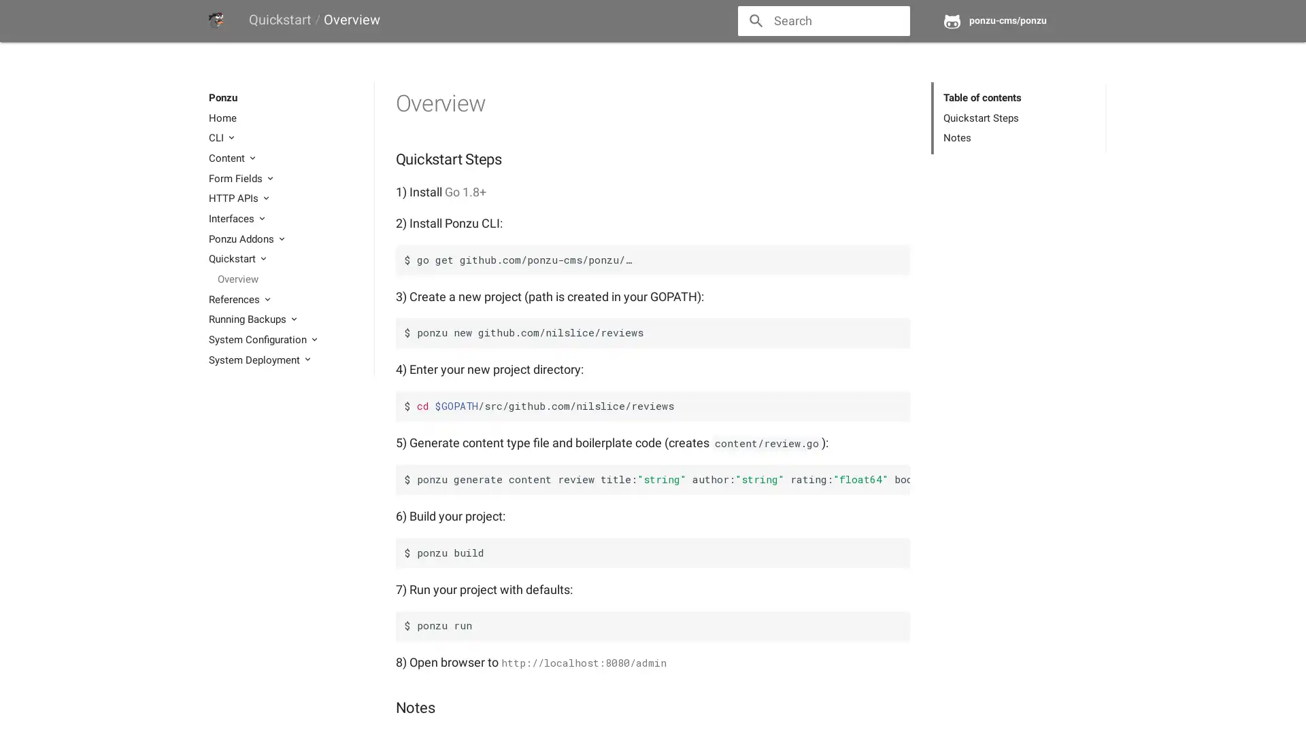  What do you see at coordinates (892, 20) in the screenshot?
I see `close` at bounding box center [892, 20].